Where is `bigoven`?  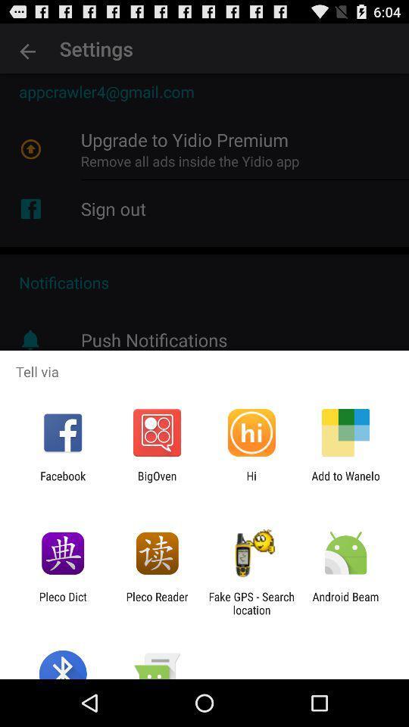 bigoven is located at coordinates (156, 482).